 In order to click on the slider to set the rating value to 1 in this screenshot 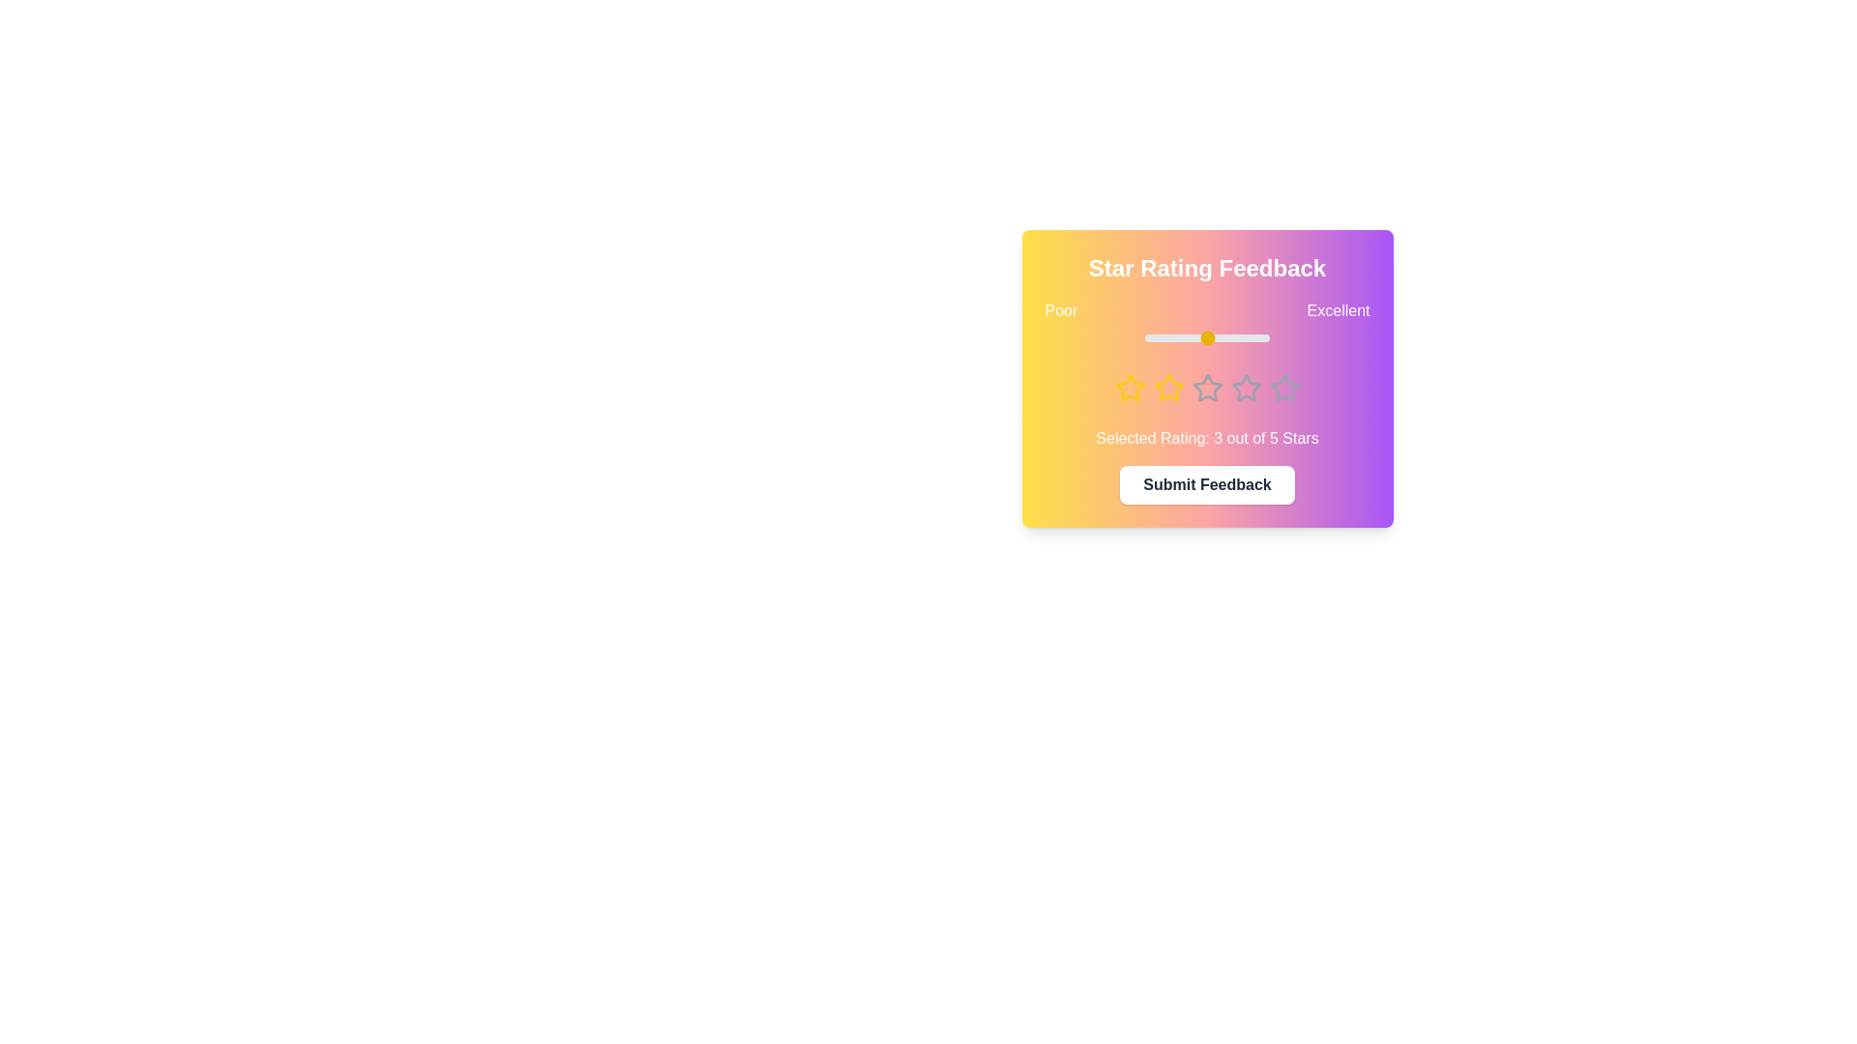, I will do `click(1146, 337)`.